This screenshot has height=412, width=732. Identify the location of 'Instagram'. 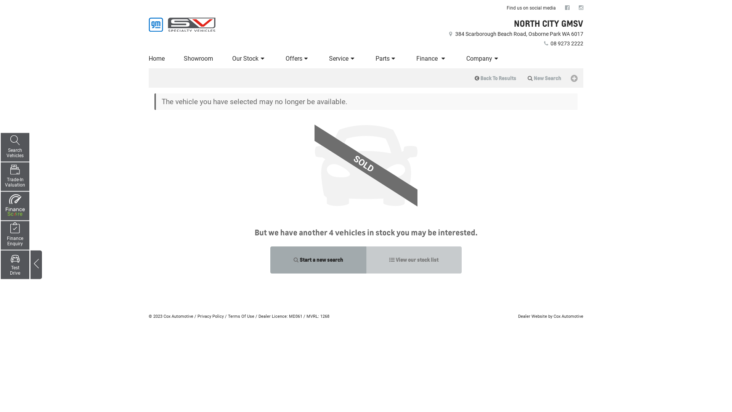
(580, 7).